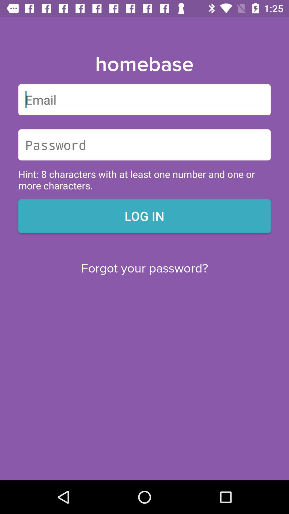  Describe the element at coordinates (144, 145) in the screenshot. I see `password` at that location.